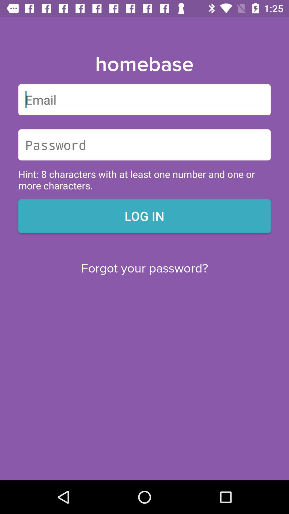  Describe the element at coordinates (144, 145) in the screenshot. I see `password` at that location.